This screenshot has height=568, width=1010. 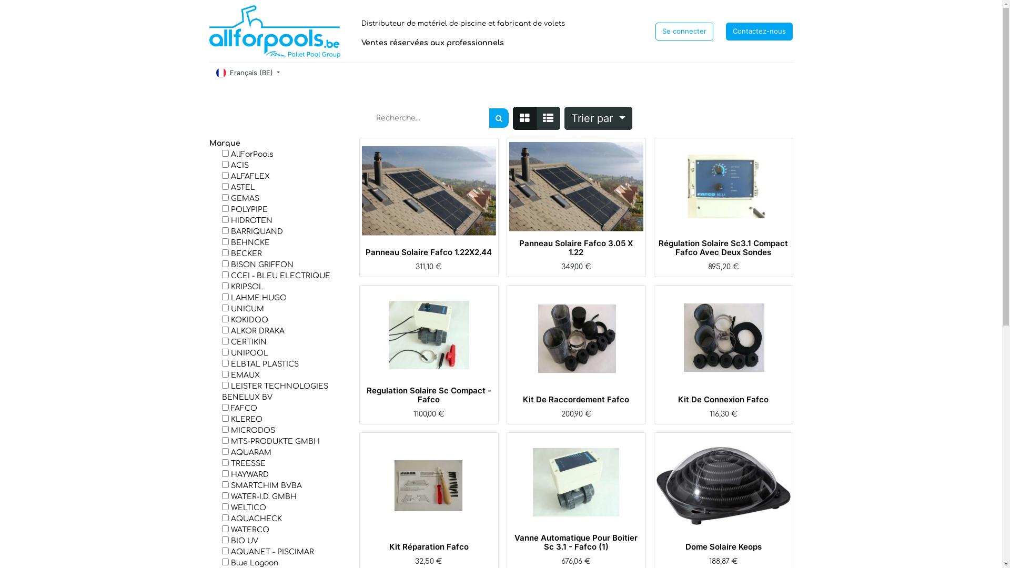 I want to click on 'Vanne Automatique Pour Boitier Sc 3.1 - Fafco (1)', so click(x=575, y=542).